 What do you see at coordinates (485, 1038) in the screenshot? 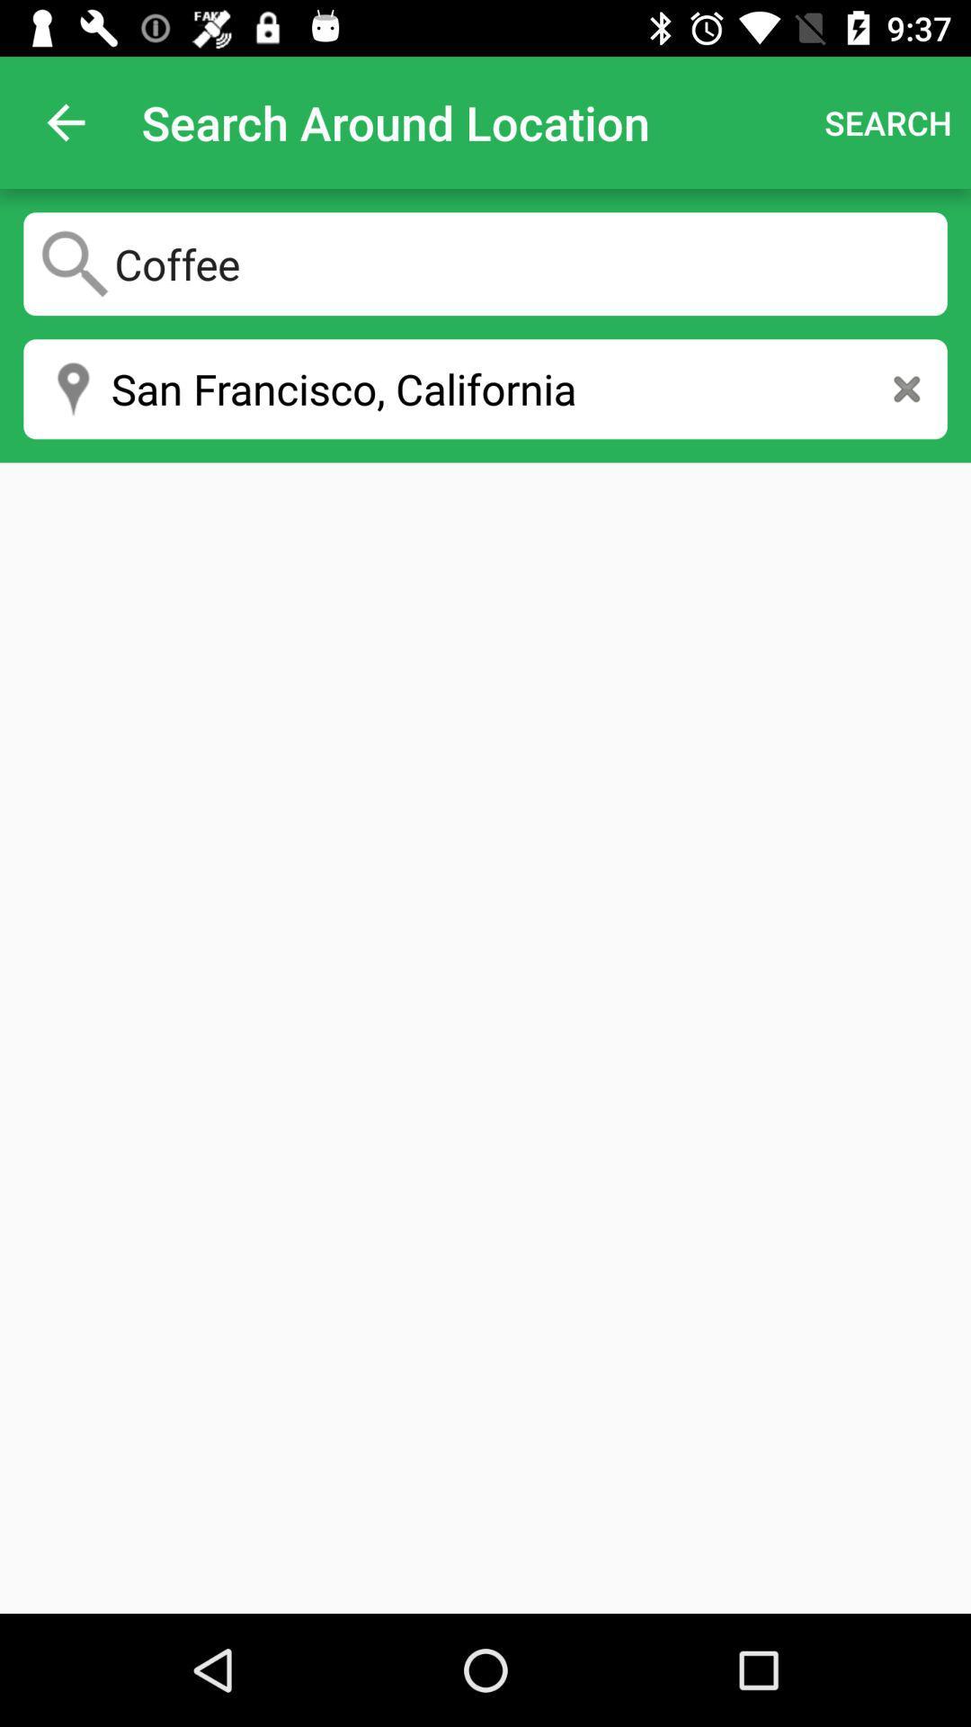
I see `item at the center` at bounding box center [485, 1038].